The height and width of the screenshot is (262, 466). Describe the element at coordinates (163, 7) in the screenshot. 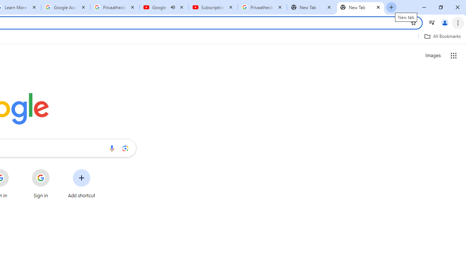

I see `'Google - YouTube - Audio playing'` at that location.